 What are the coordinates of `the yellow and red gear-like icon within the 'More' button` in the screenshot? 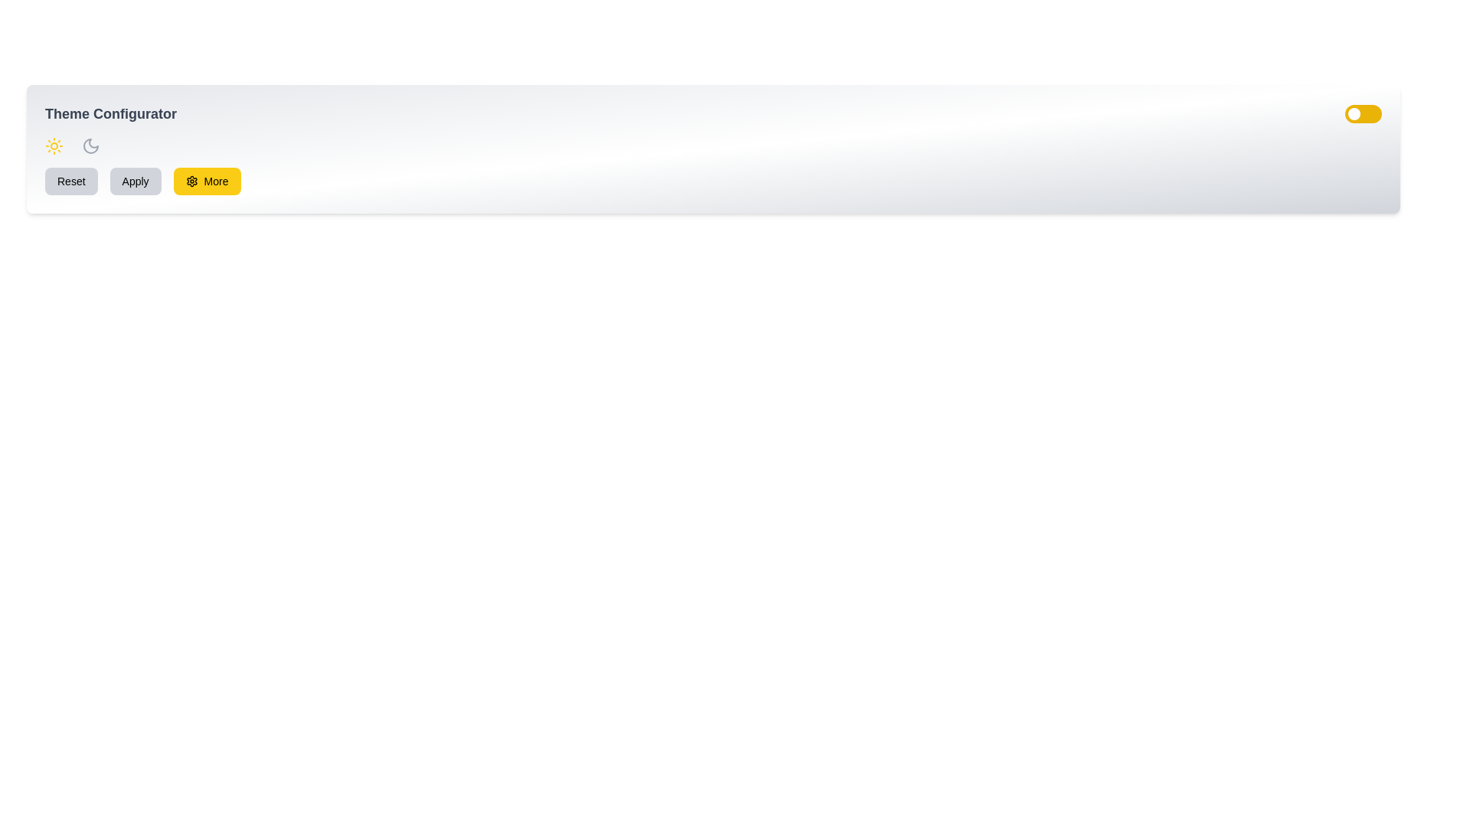 It's located at (191, 180).